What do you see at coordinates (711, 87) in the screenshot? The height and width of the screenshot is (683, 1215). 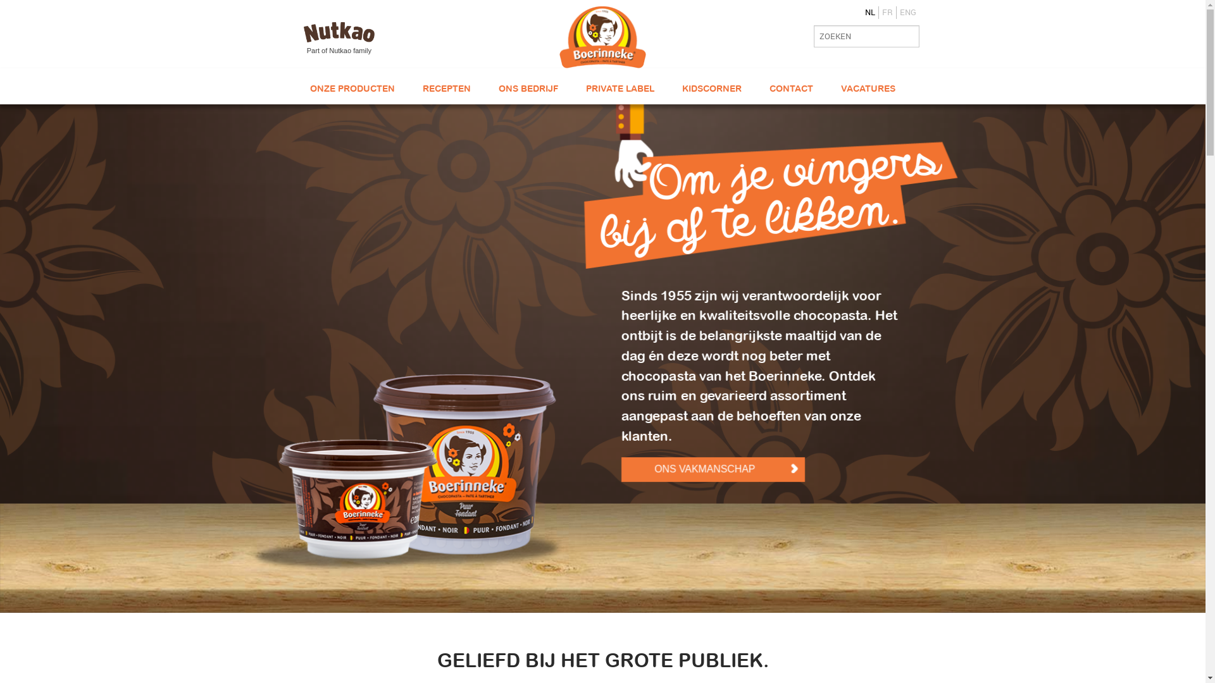 I see `'KIDSCORNER'` at bounding box center [711, 87].